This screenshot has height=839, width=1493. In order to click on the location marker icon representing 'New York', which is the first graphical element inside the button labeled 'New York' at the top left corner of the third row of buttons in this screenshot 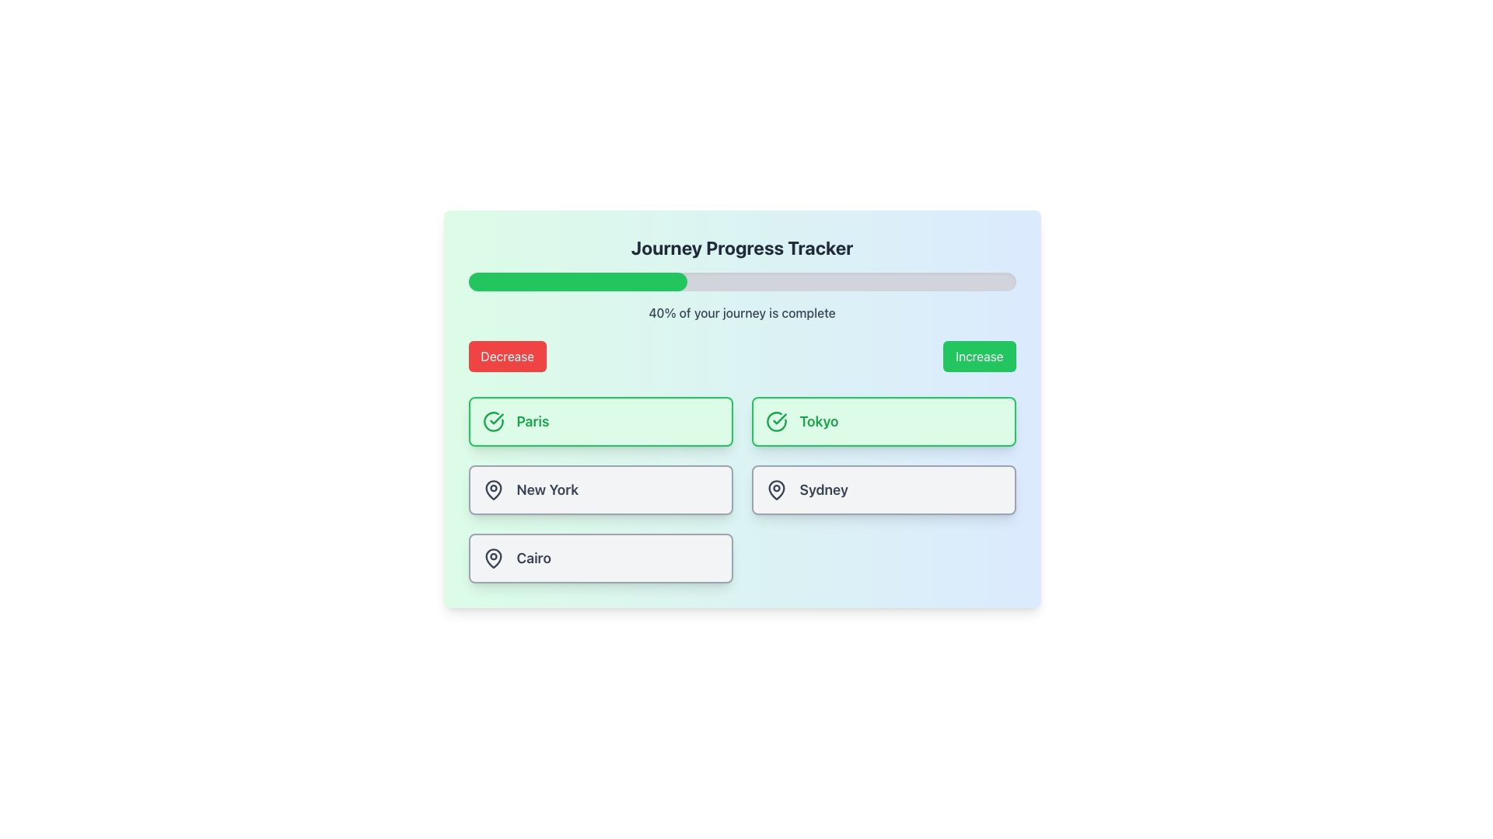, I will do `click(492, 490)`.